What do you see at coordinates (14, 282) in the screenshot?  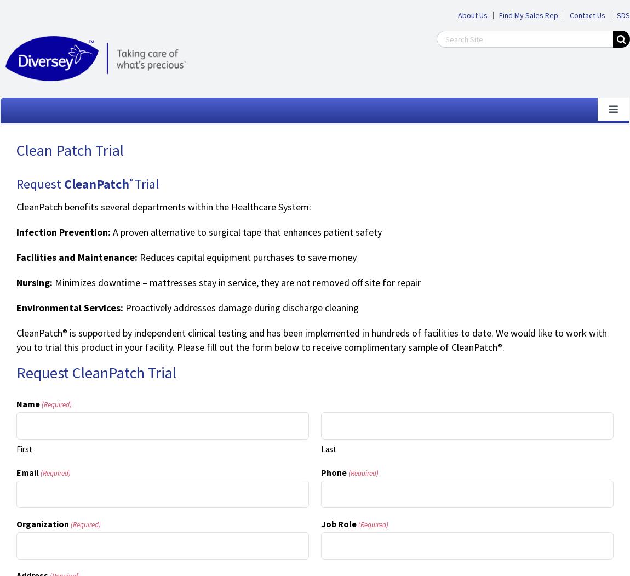 I see `'Training'` at bounding box center [14, 282].